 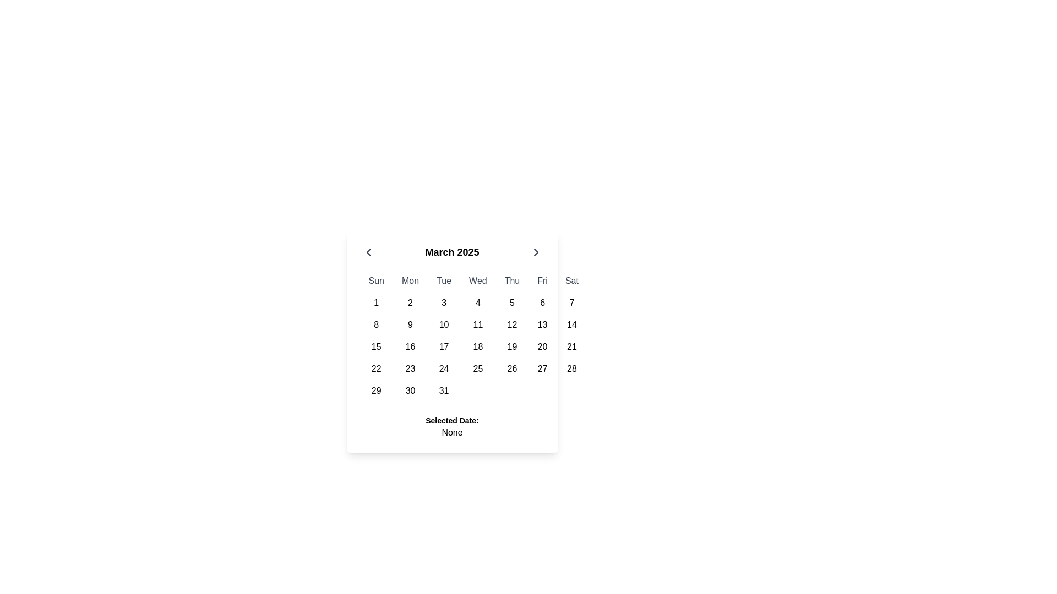 I want to click on the button-like element displaying the number '8' in the calendar, so click(x=376, y=324).